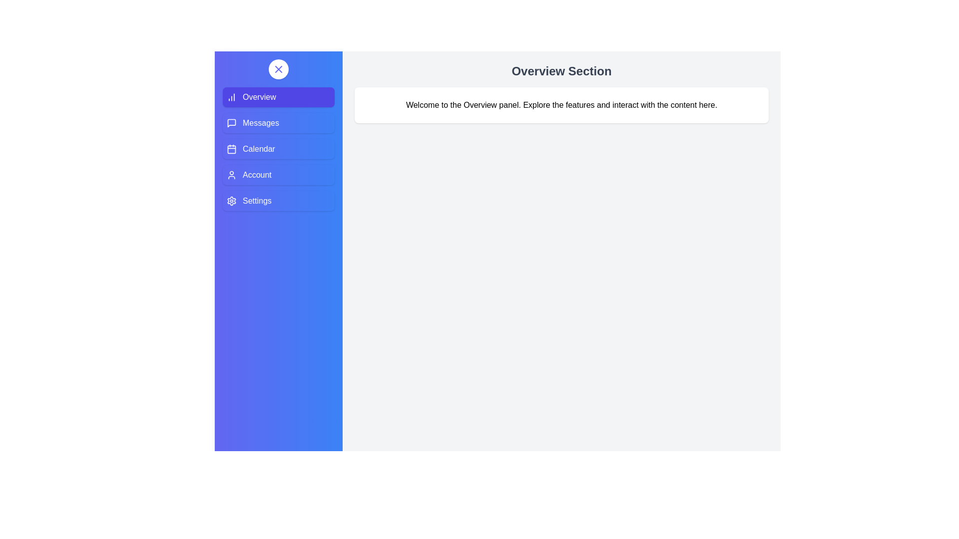 Image resolution: width=959 pixels, height=539 pixels. I want to click on the Settings tab from the sidebar, so click(278, 201).